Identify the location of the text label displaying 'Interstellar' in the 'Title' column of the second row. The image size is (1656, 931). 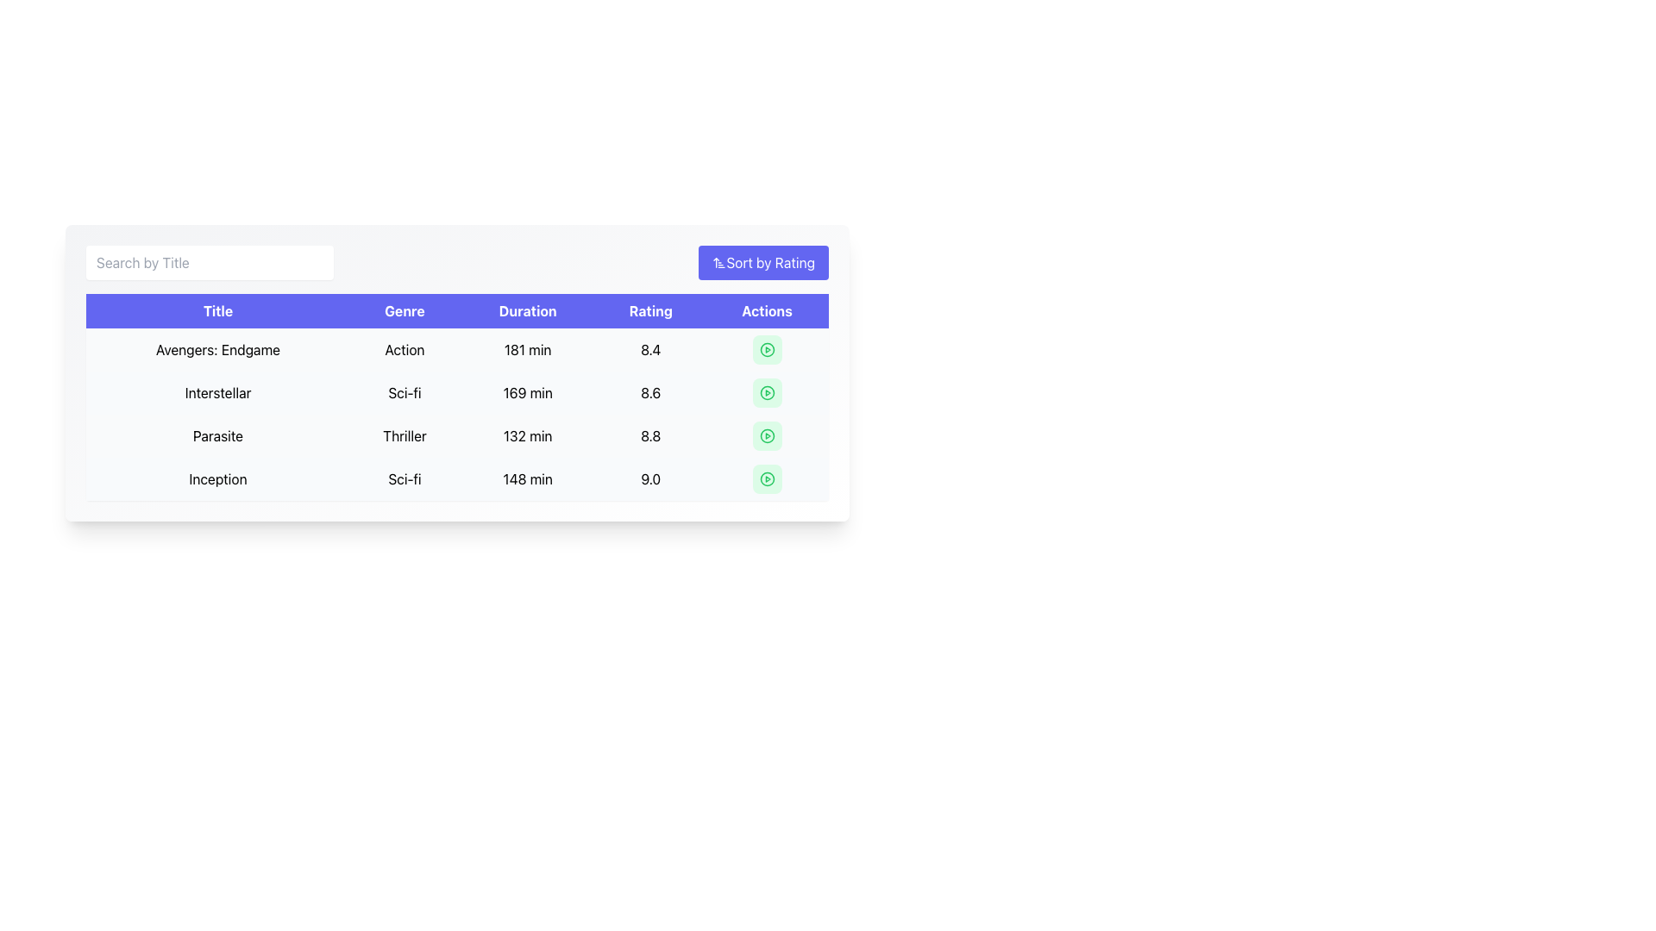
(217, 392).